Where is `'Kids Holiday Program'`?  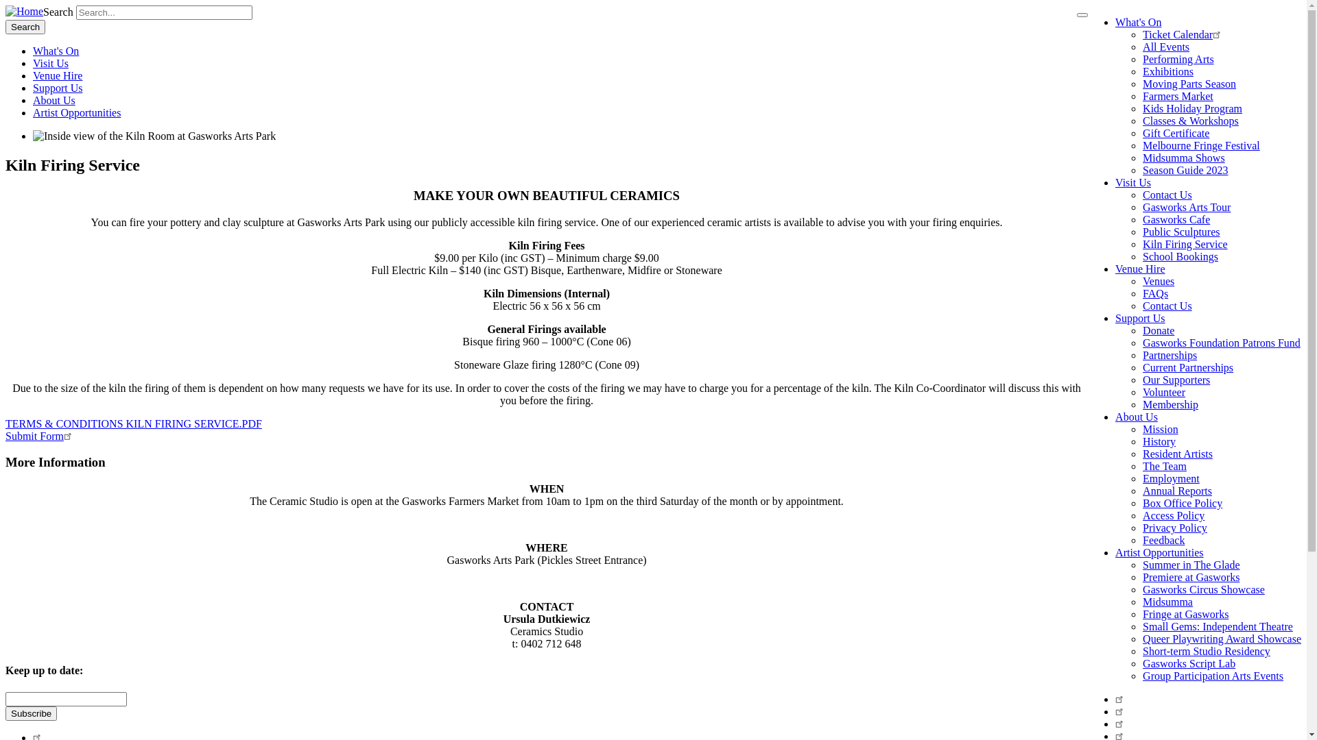 'Kids Holiday Program' is located at coordinates (1191, 108).